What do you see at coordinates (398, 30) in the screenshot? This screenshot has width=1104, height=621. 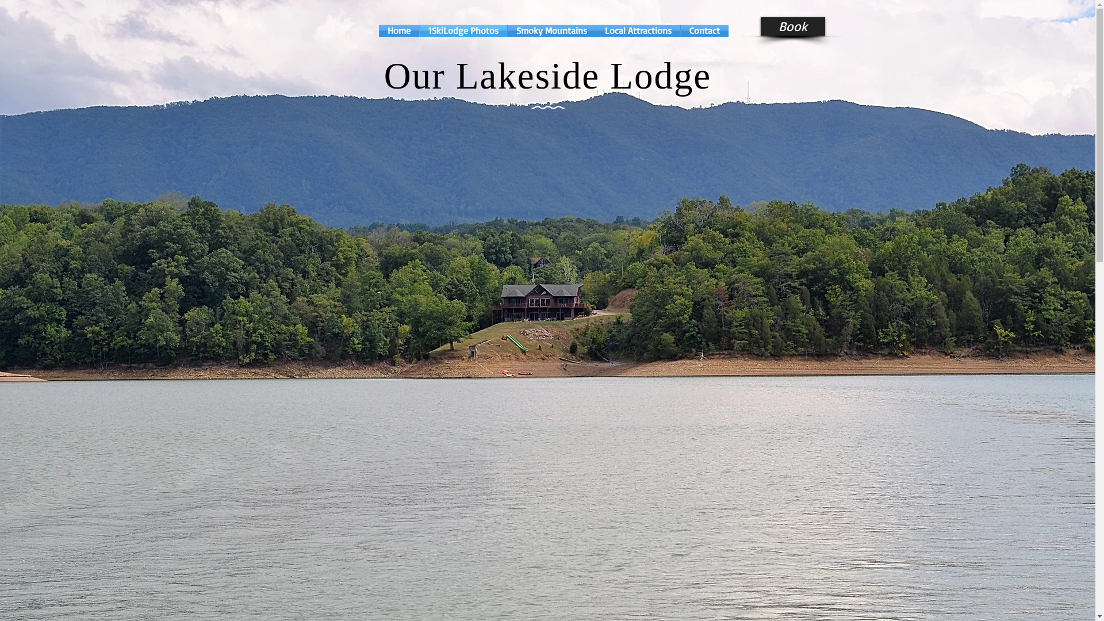 I see `'Home'` at bounding box center [398, 30].